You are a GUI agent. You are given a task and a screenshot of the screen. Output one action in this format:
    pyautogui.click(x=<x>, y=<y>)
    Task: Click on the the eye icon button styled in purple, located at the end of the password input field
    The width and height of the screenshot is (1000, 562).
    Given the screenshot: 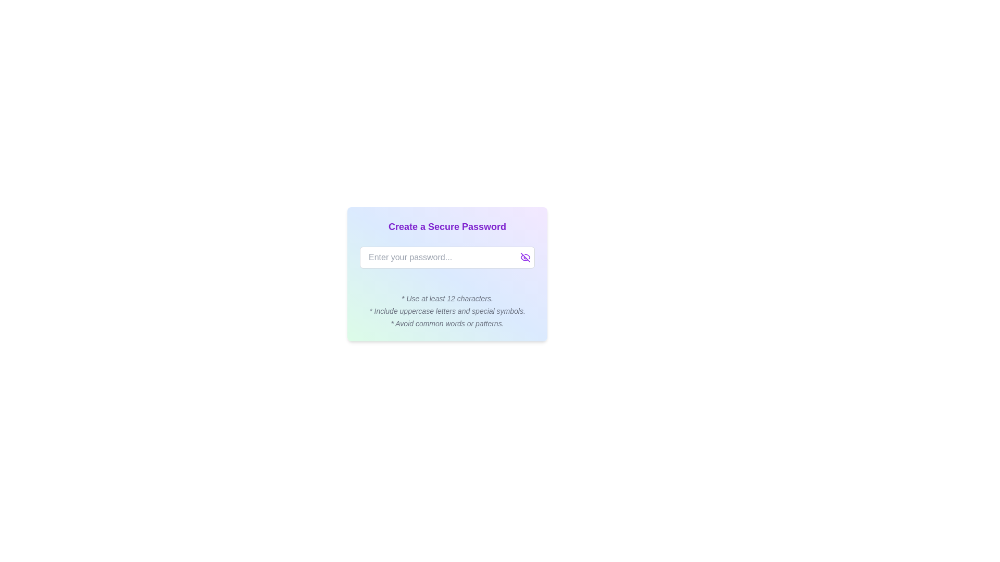 What is the action you would take?
    pyautogui.click(x=525, y=257)
    